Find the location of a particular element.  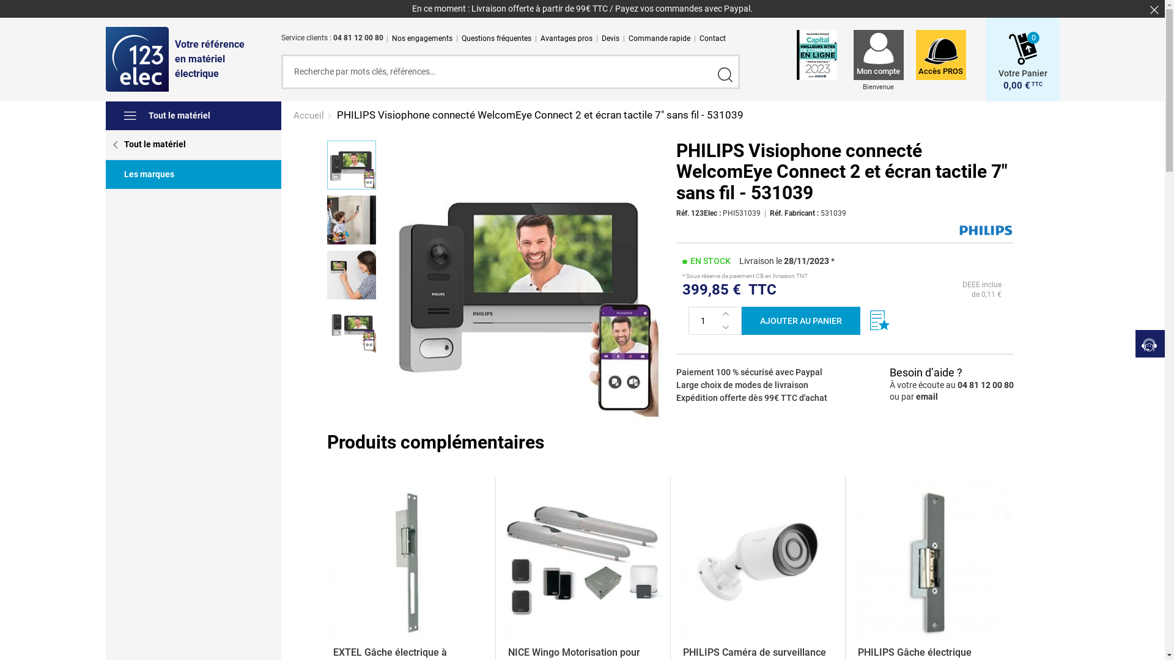

'Mon compte is located at coordinates (841, 65).